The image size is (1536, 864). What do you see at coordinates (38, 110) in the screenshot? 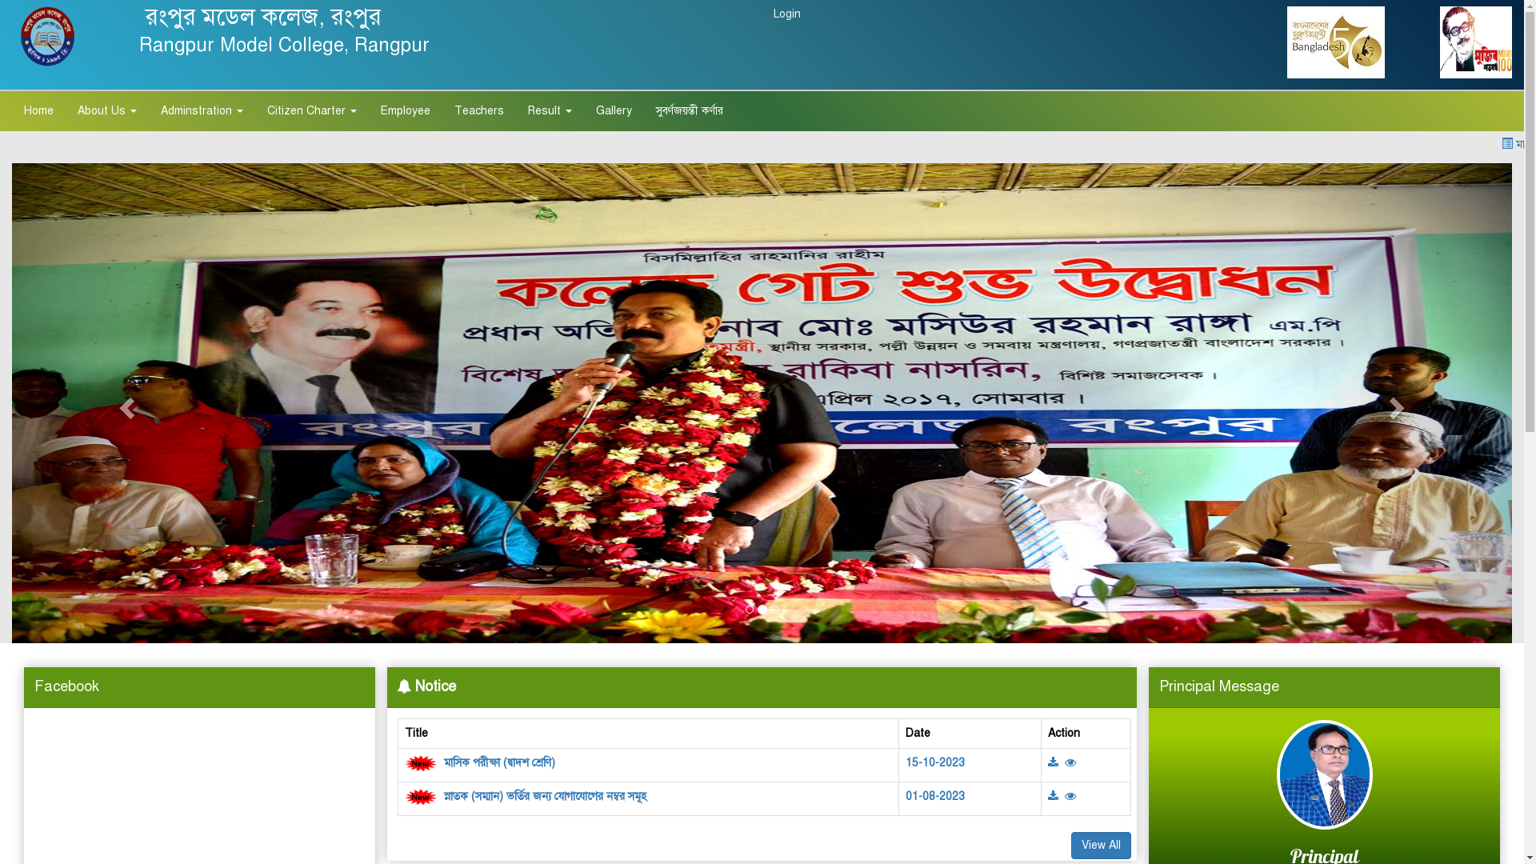
I see `'Home'` at bounding box center [38, 110].